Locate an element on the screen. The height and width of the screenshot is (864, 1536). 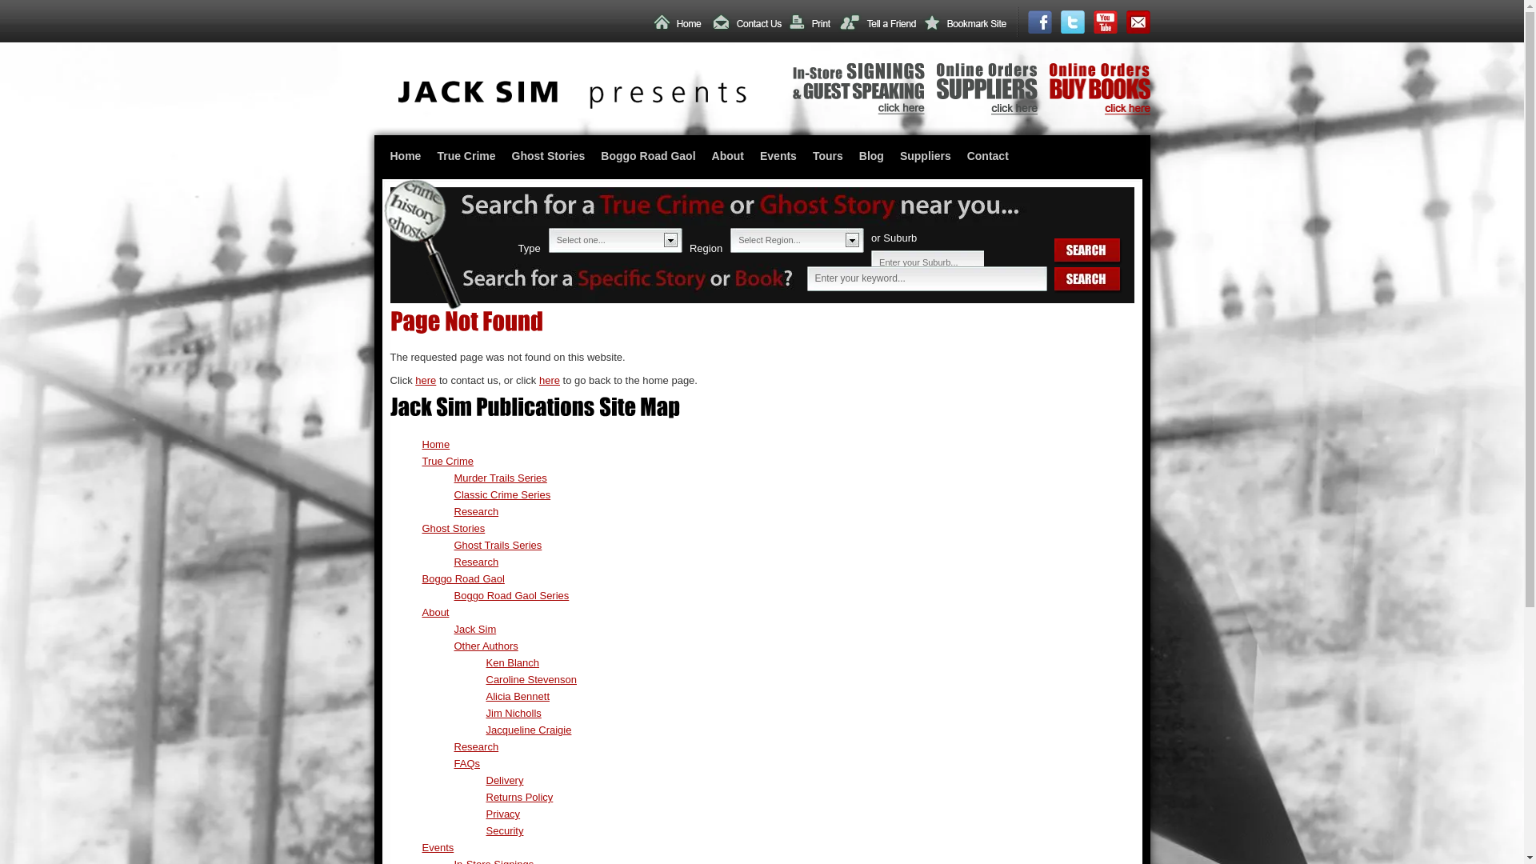
'In Store Signings & Guest Speaking' is located at coordinates (857, 110).